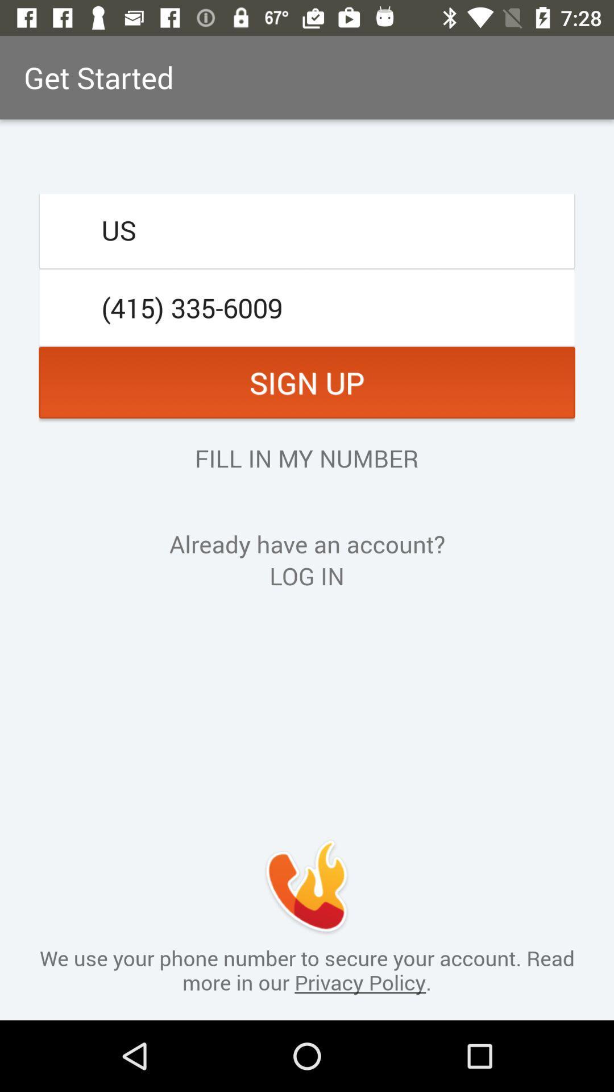 The width and height of the screenshot is (614, 1092). What do you see at coordinates (307, 229) in the screenshot?
I see `us item` at bounding box center [307, 229].